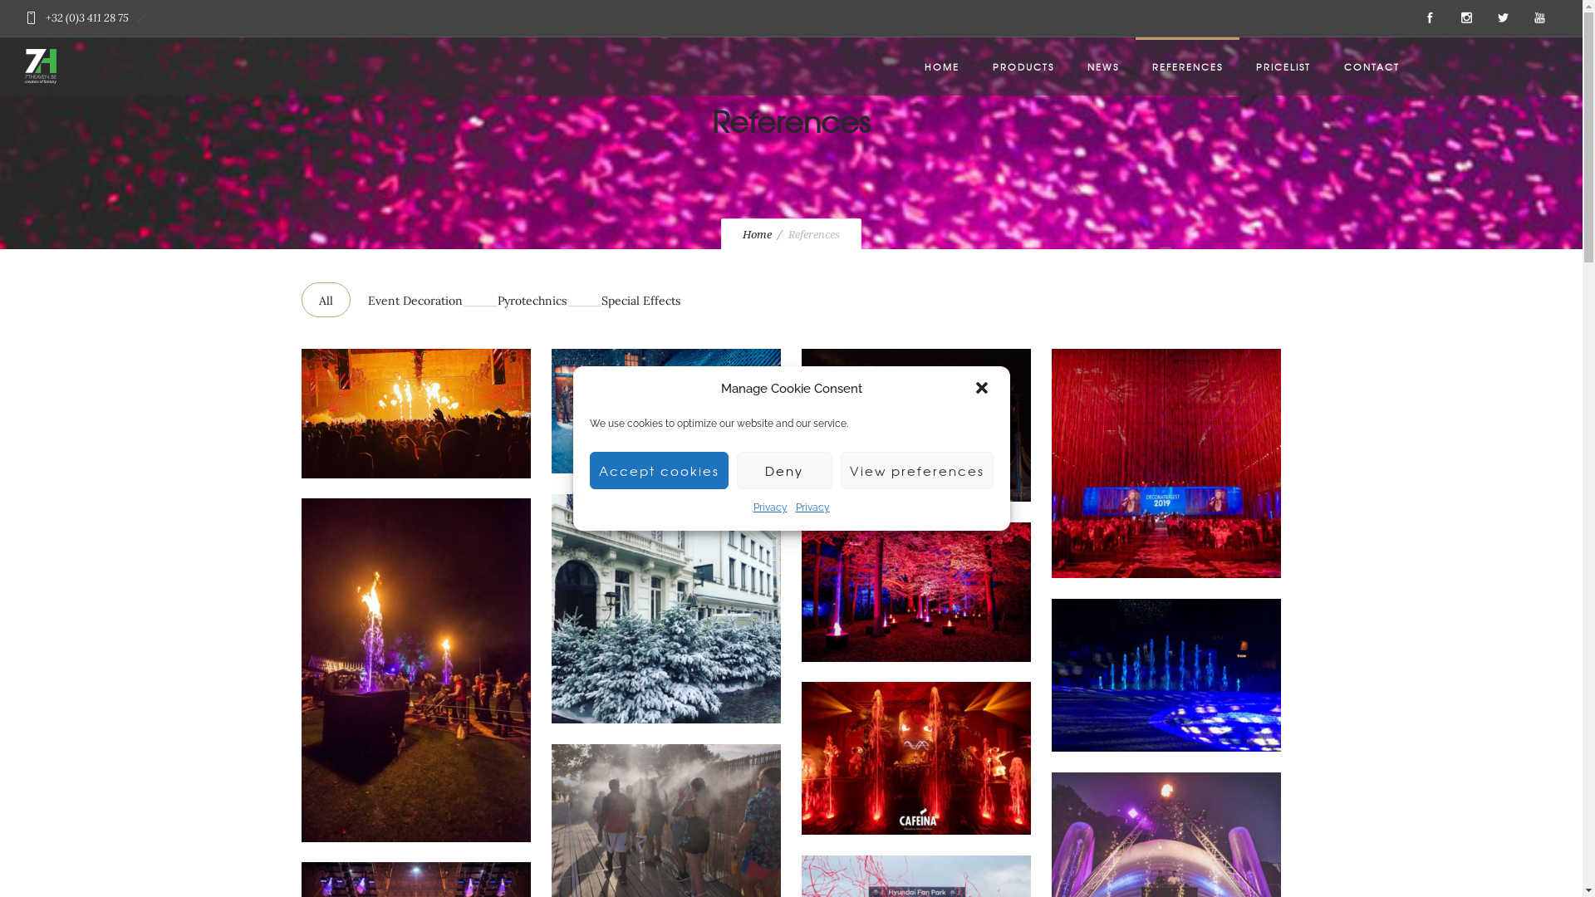 This screenshot has height=897, width=1595. Describe the element at coordinates (532, 300) in the screenshot. I see `'Pyrotechnics'` at that location.